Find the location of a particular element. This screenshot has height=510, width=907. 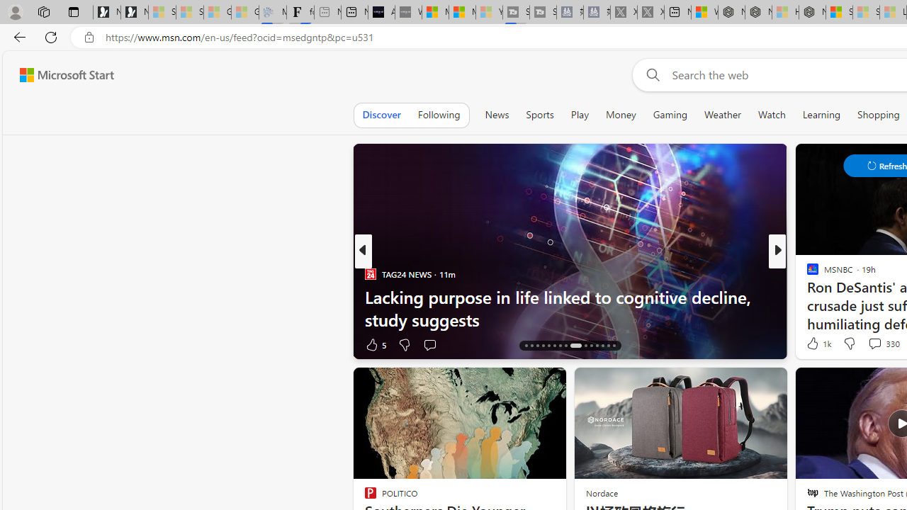

'Nordace - Nordace Siena Is Not An Ordinary Backpack' is located at coordinates (812, 12).